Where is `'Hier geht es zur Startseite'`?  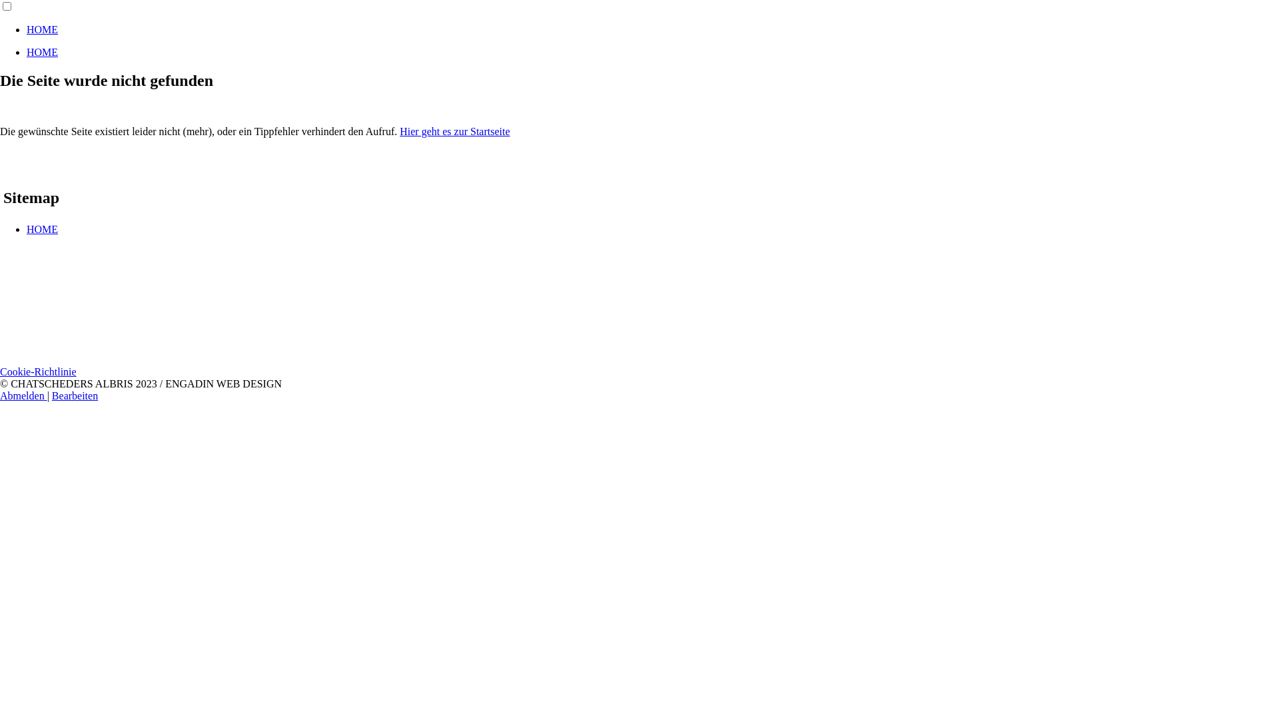 'Hier geht es zur Startseite' is located at coordinates (454, 131).